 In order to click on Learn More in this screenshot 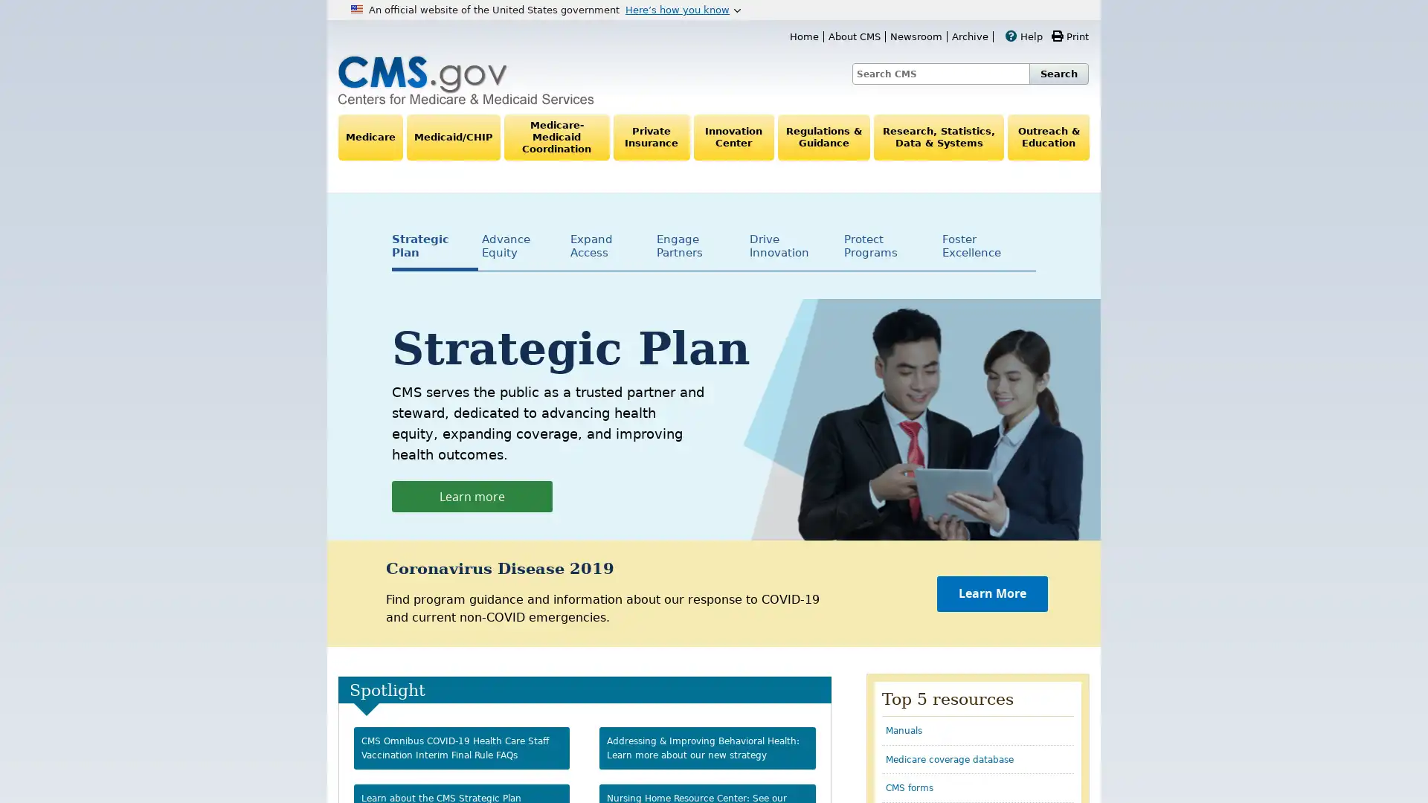, I will do `click(992, 593)`.